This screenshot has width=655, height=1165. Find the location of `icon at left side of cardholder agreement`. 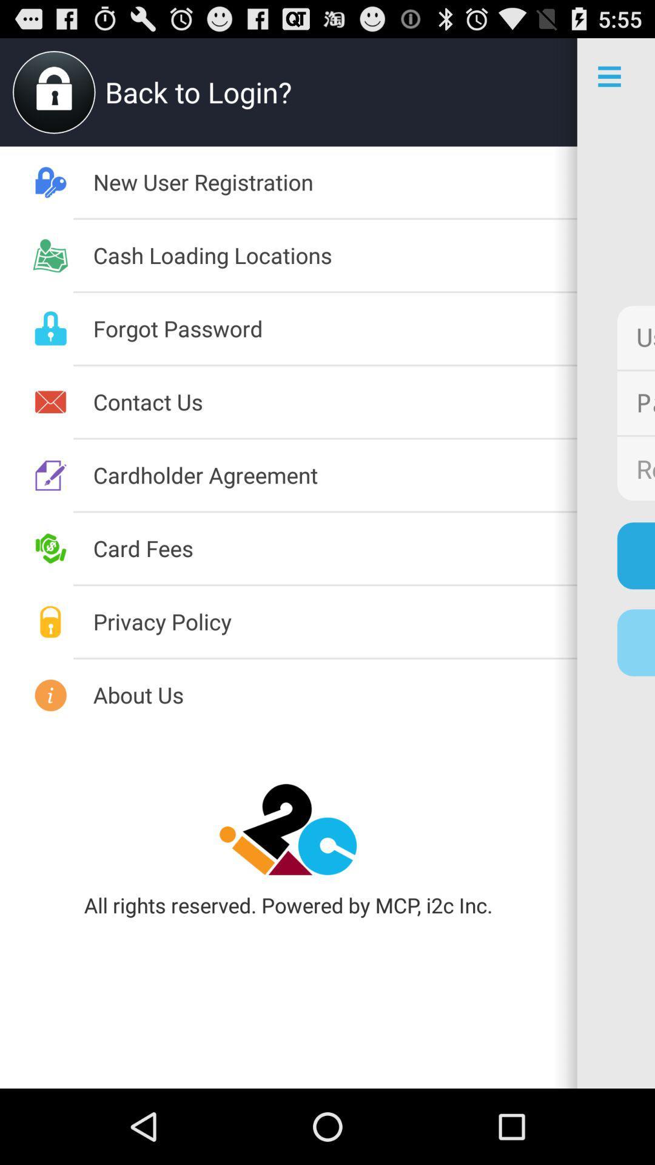

icon at left side of cardholder agreement is located at coordinates (50, 474).